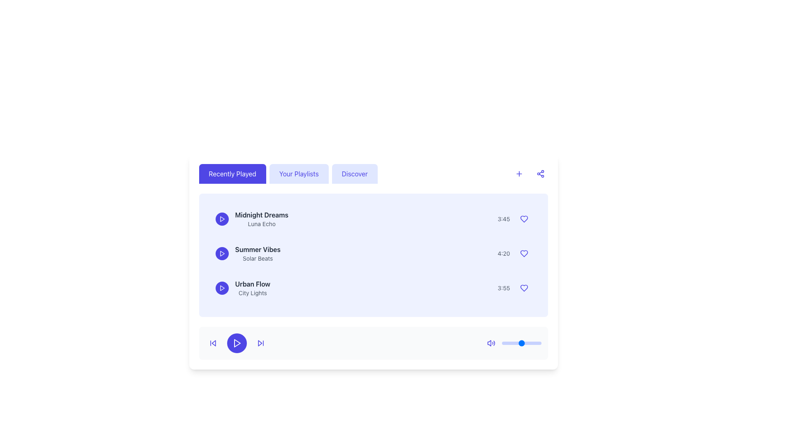  I want to click on text content of the text label located between the items 'Midnight Dreams' and 'Urban Flow' in the list, so click(247, 253).